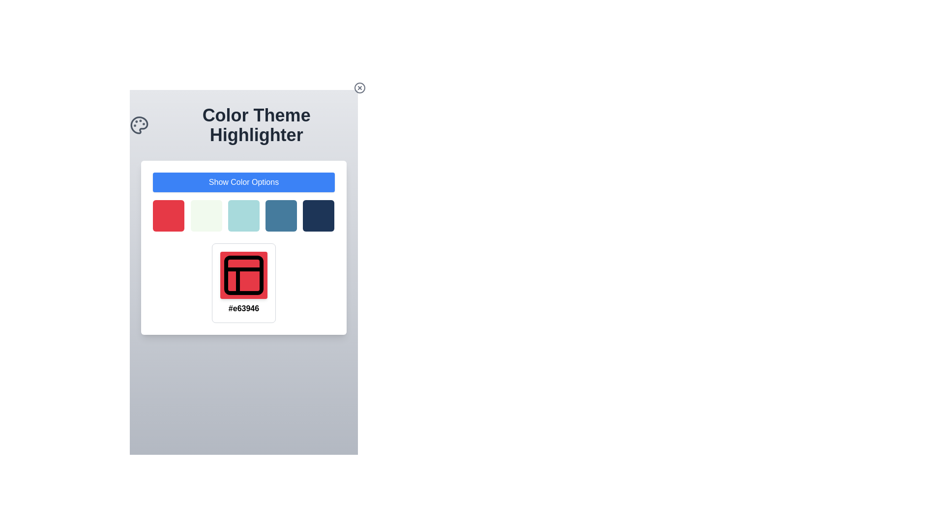  Describe the element at coordinates (281, 215) in the screenshot. I see `the fourth color square in the color palette located under the 'Show Color Options' button` at that location.